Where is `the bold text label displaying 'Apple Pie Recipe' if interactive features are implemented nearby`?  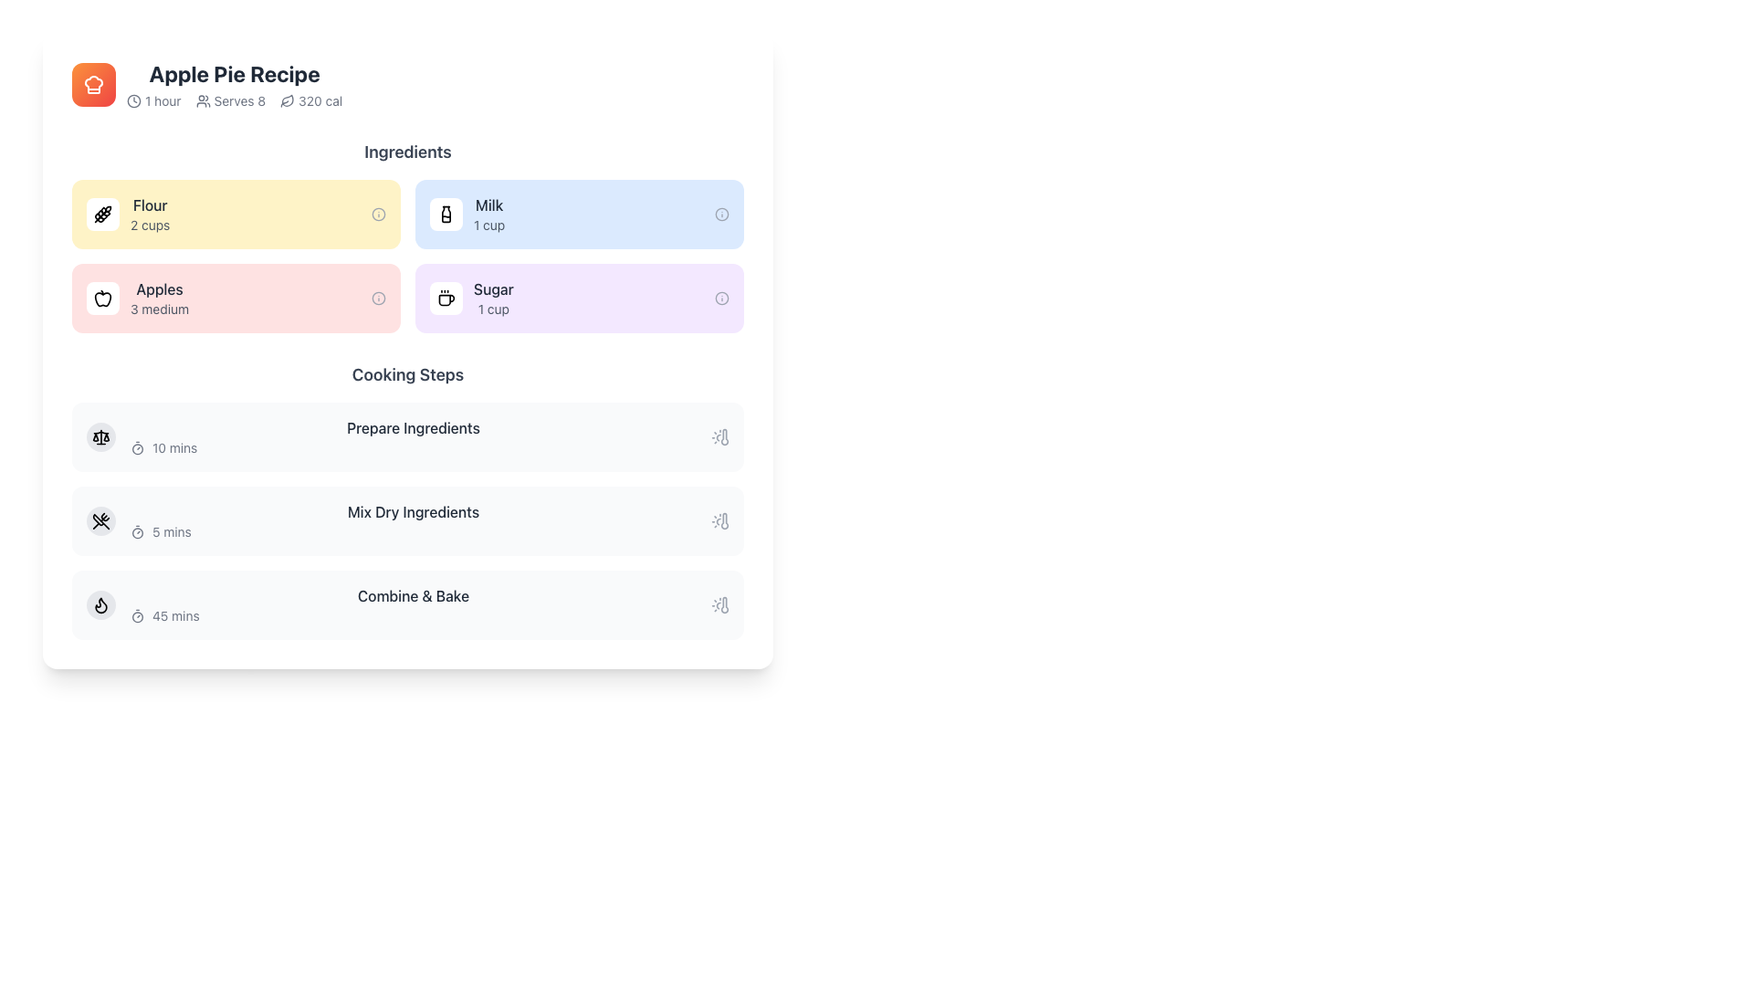
the bold text label displaying 'Apple Pie Recipe' if interactive features are implemented nearby is located at coordinates (234, 73).